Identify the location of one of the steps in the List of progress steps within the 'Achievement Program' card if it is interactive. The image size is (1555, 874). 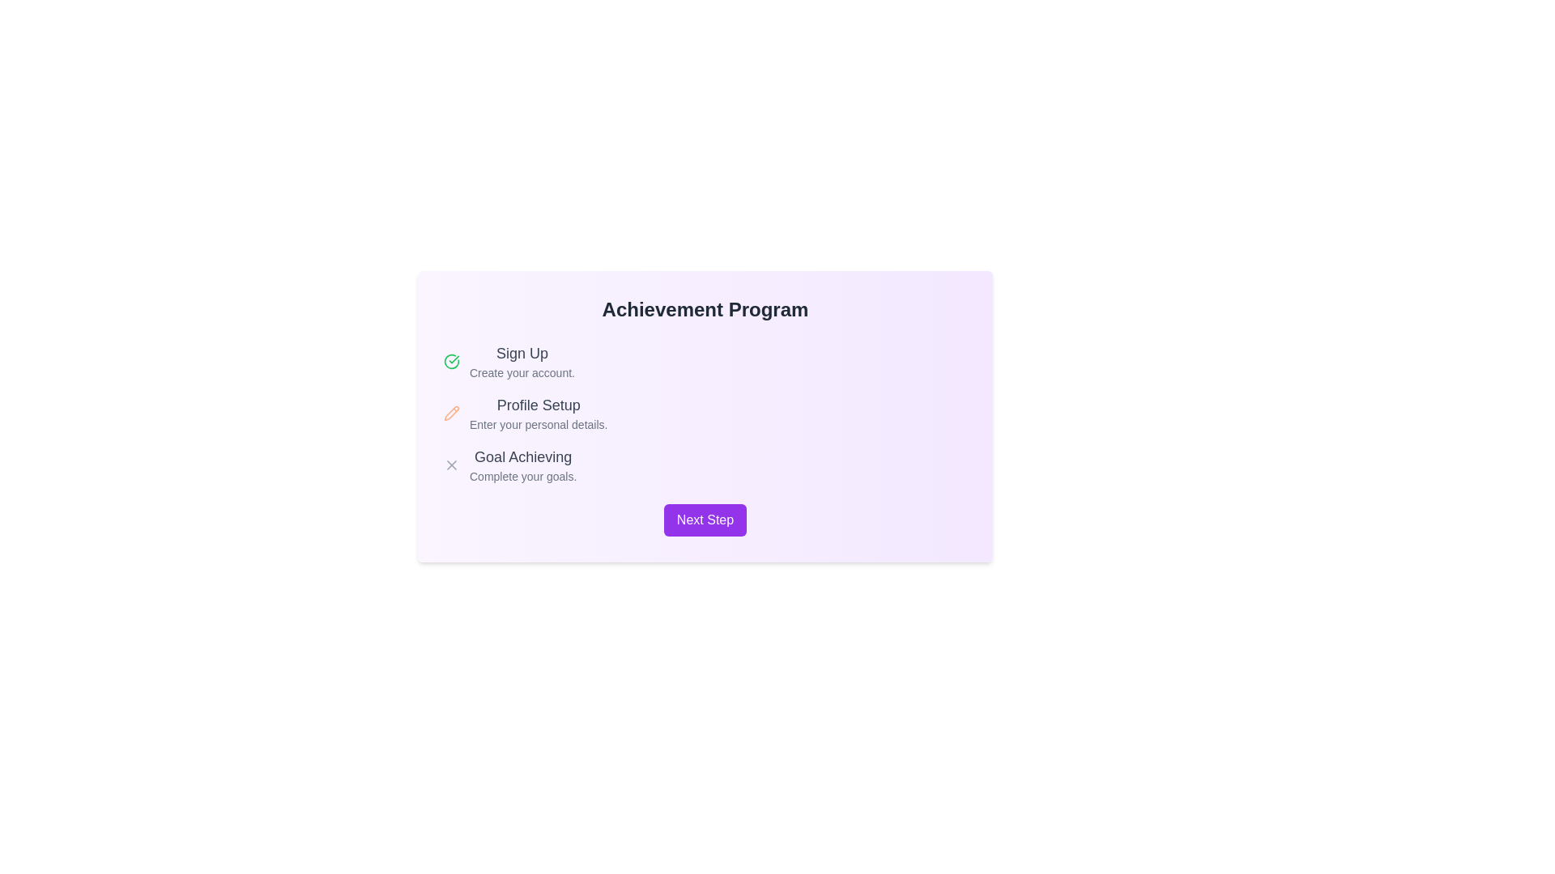
(705, 412).